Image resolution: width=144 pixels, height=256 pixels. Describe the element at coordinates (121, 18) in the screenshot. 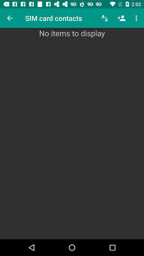

I see `the icon above the no items to icon` at that location.